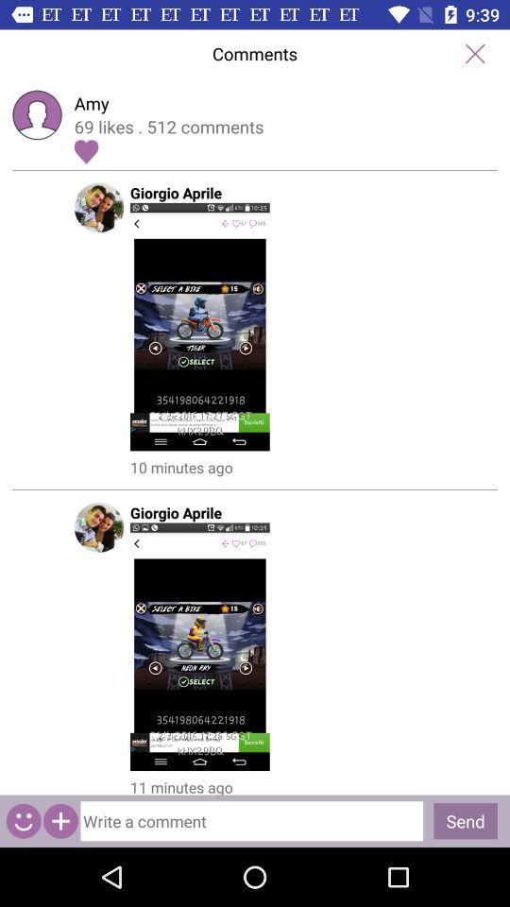 This screenshot has height=907, width=510. What do you see at coordinates (85, 150) in the screenshot?
I see `like user` at bounding box center [85, 150].